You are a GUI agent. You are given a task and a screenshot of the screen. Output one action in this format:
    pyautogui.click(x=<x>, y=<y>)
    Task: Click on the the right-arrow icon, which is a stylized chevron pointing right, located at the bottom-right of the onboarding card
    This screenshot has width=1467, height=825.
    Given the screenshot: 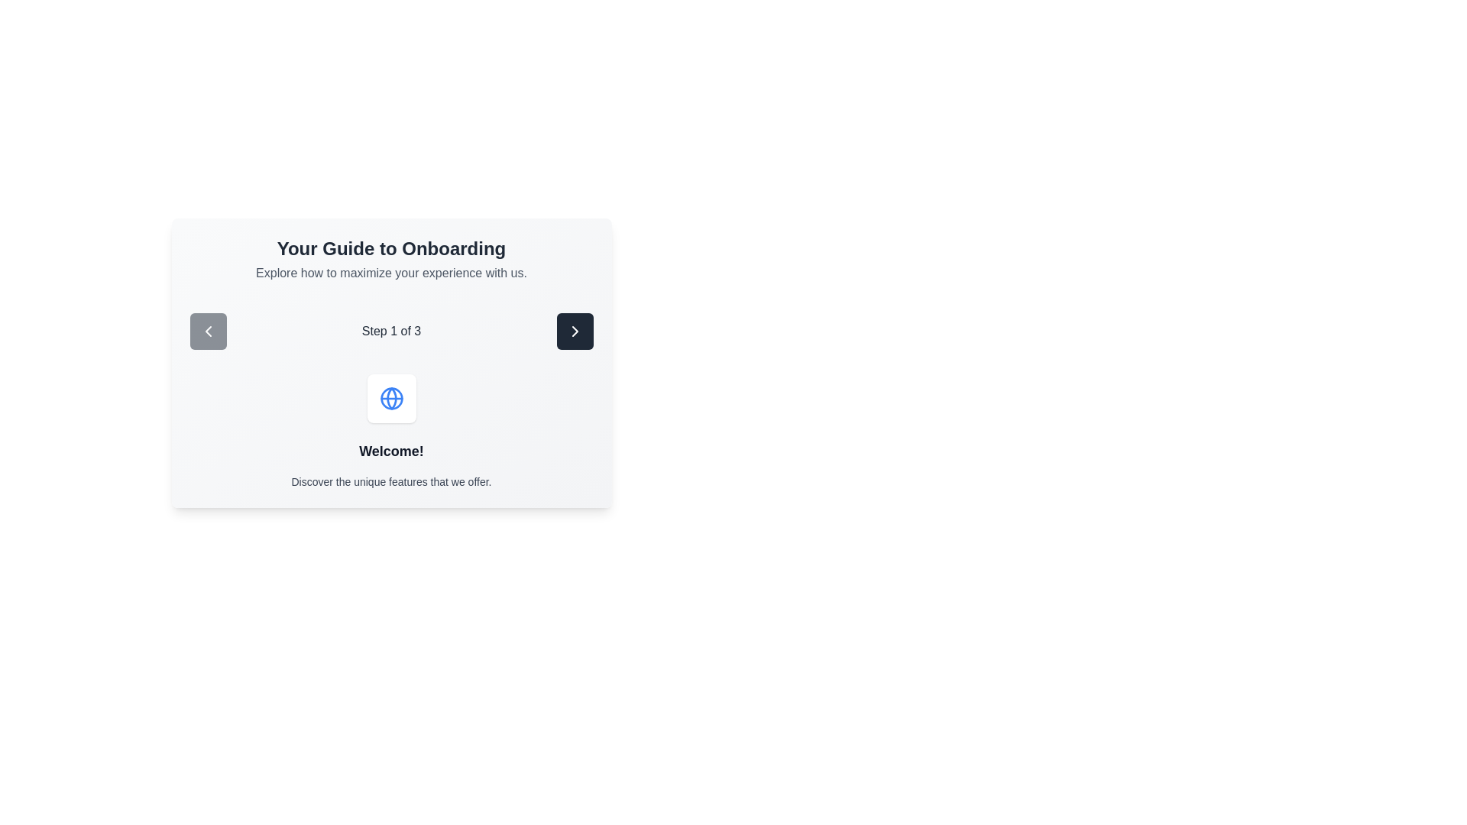 What is the action you would take?
    pyautogui.click(x=574, y=331)
    